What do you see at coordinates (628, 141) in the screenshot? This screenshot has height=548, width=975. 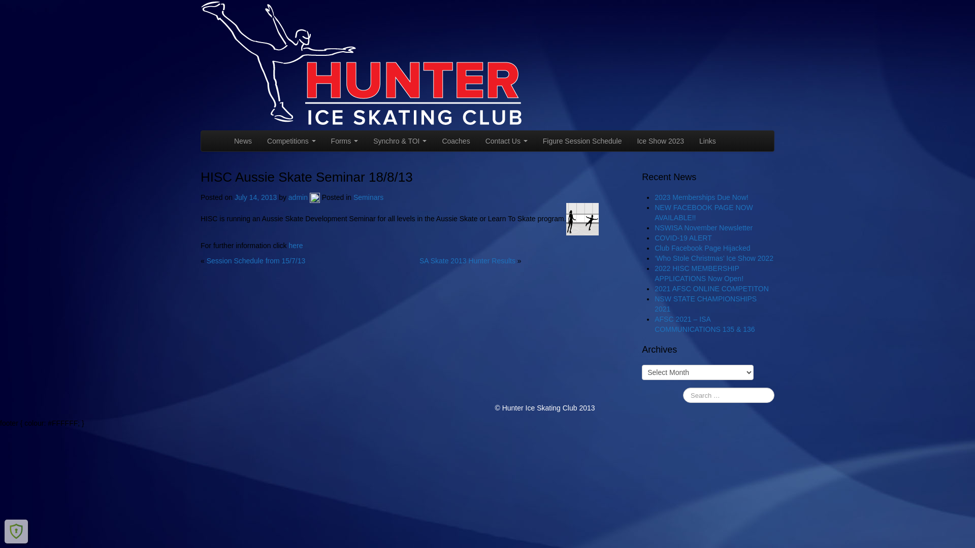 I see `'Ice Show 2023'` at bounding box center [628, 141].